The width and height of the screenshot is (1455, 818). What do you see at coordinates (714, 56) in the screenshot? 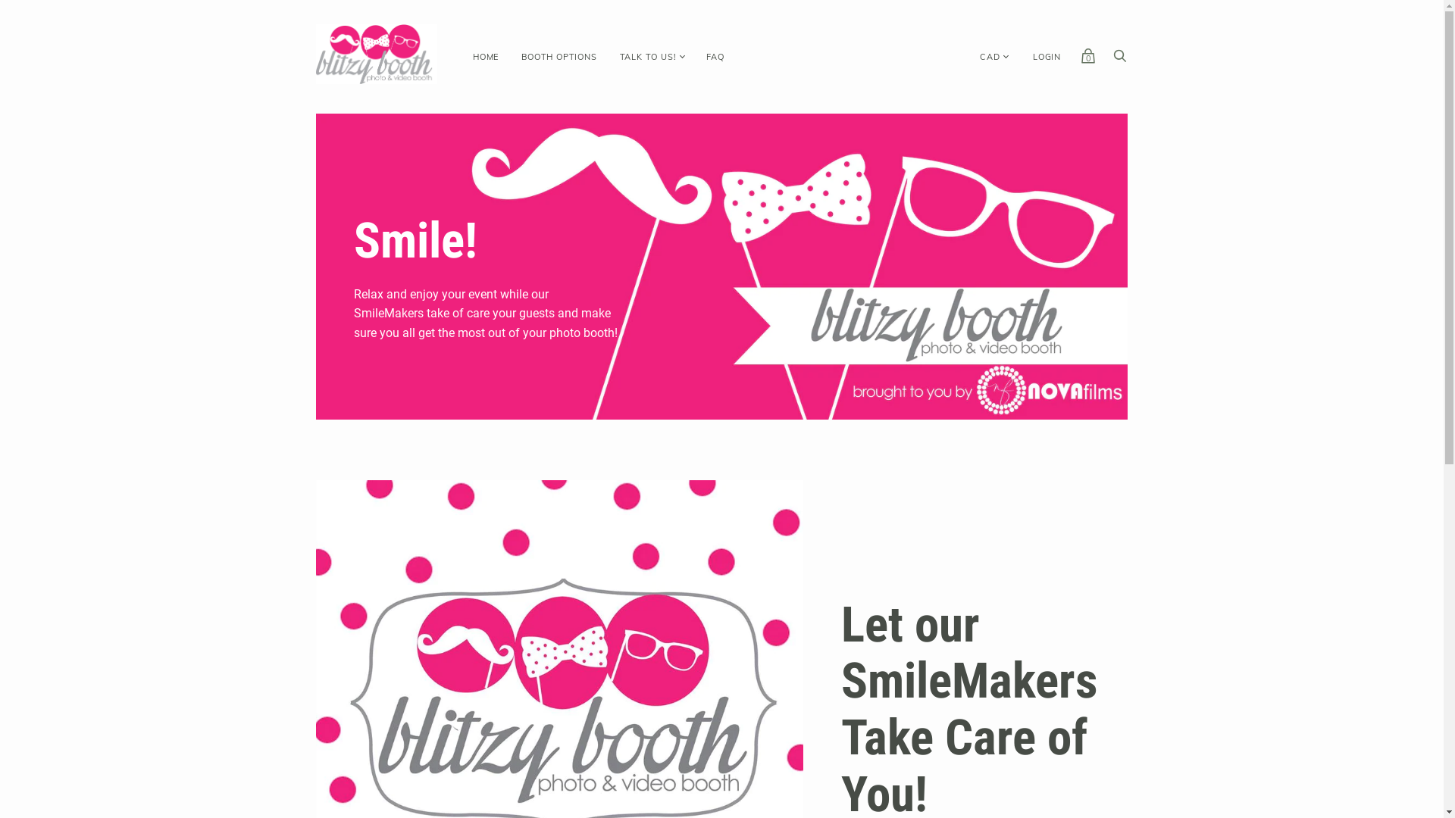
I see `'FAQ'` at bounding box center [714, 56].